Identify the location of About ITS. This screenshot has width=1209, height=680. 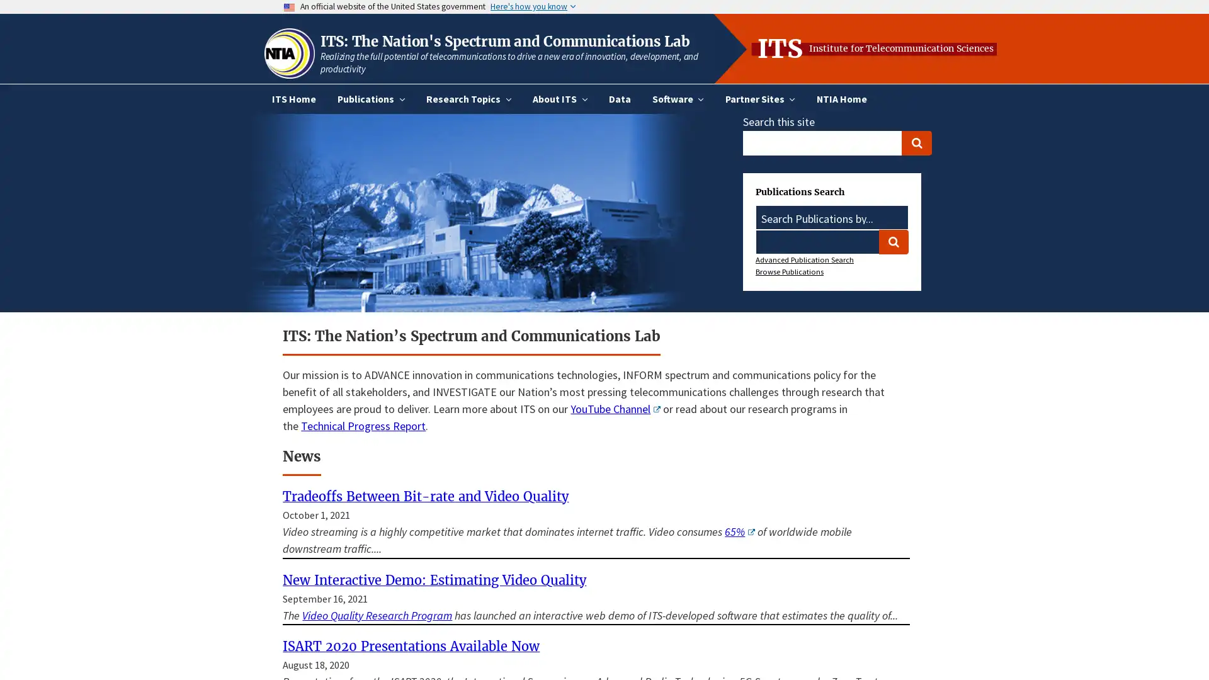
(559, 98).